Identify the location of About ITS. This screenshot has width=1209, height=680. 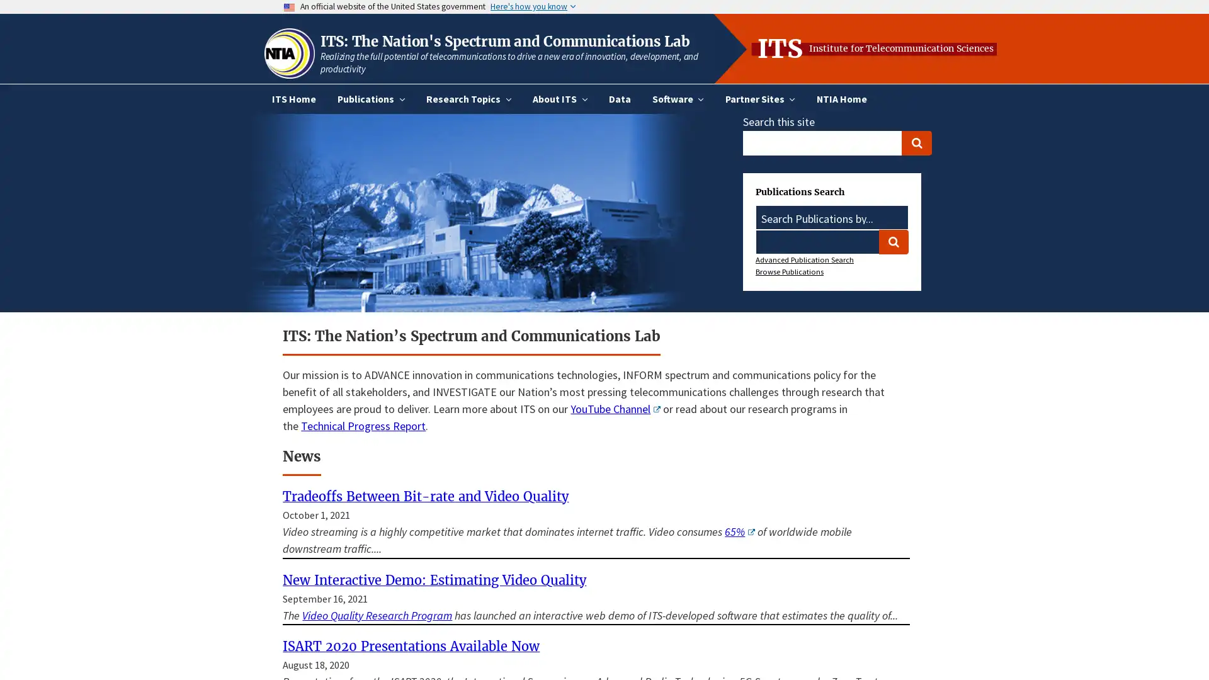
(559, 98).